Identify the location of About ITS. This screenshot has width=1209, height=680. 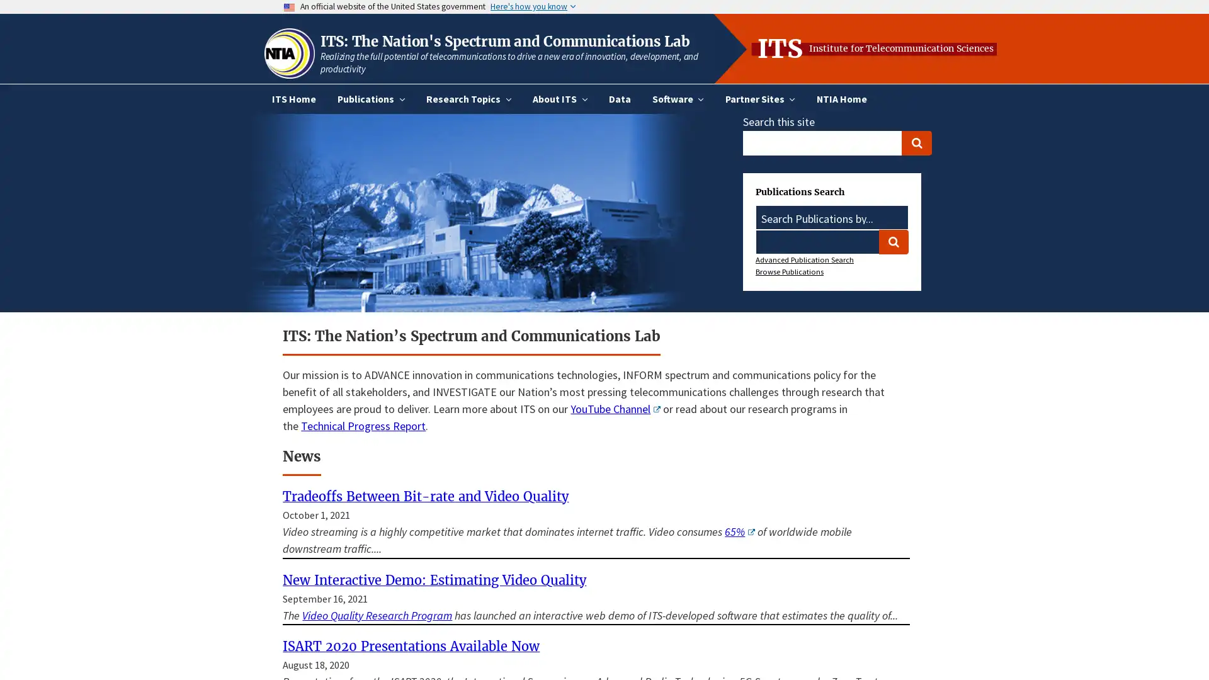
(559, 98).